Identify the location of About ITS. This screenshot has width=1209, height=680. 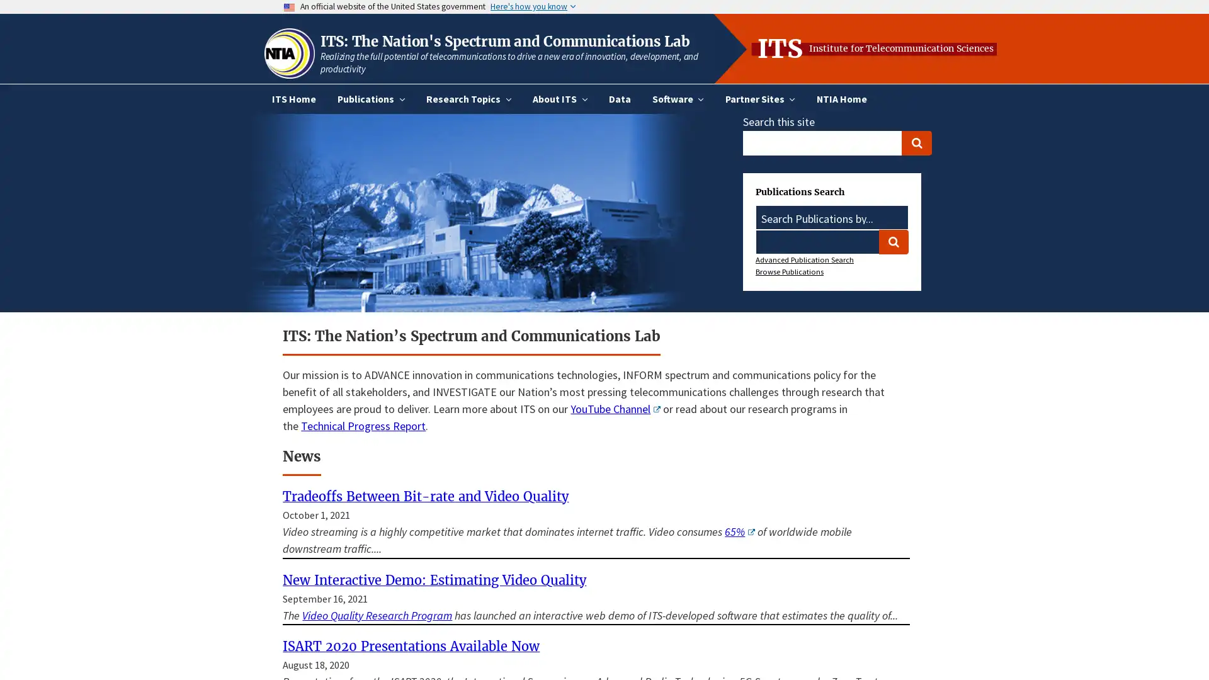
(559, 98).